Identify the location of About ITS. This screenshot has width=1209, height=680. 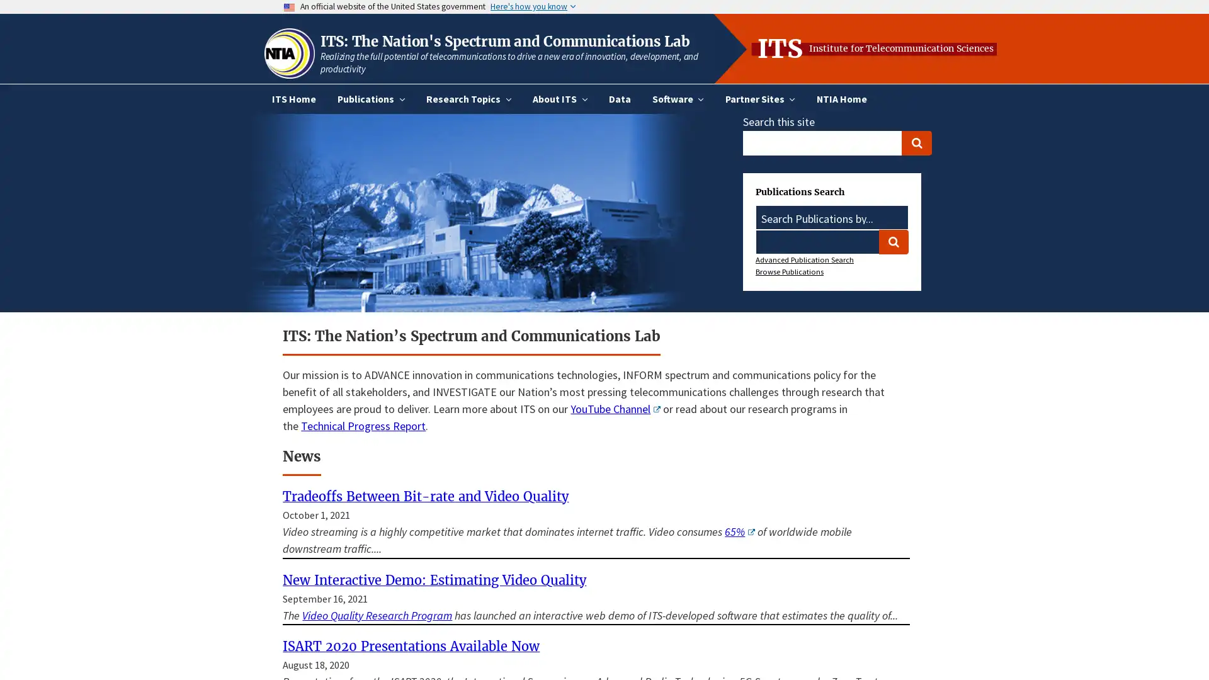
(559, 98).